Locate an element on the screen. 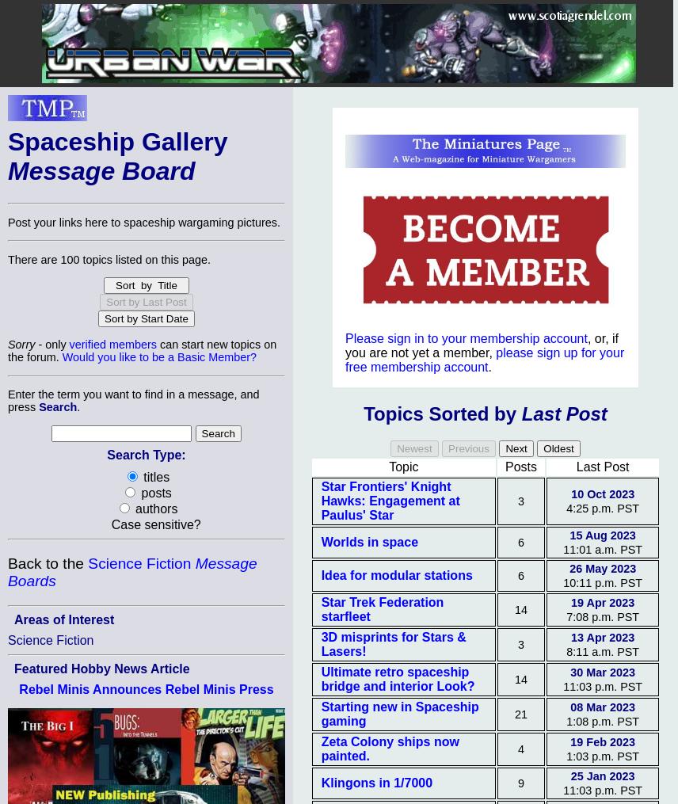 Image resolution: width=678 pixels, height=804 pixels. '- only' is located at coordinates (33, 345).